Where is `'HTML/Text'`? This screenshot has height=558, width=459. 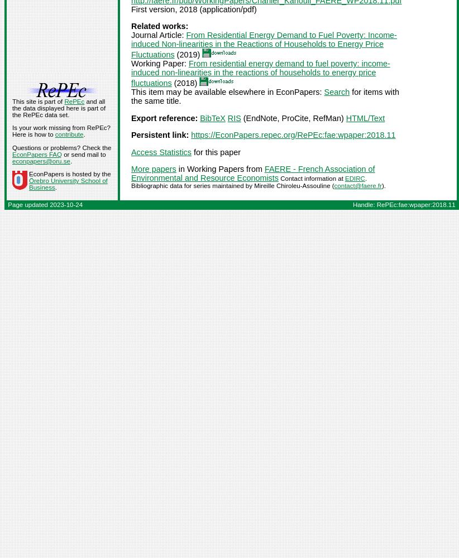 'HTML/Text' is located at coordinates (365, 117).